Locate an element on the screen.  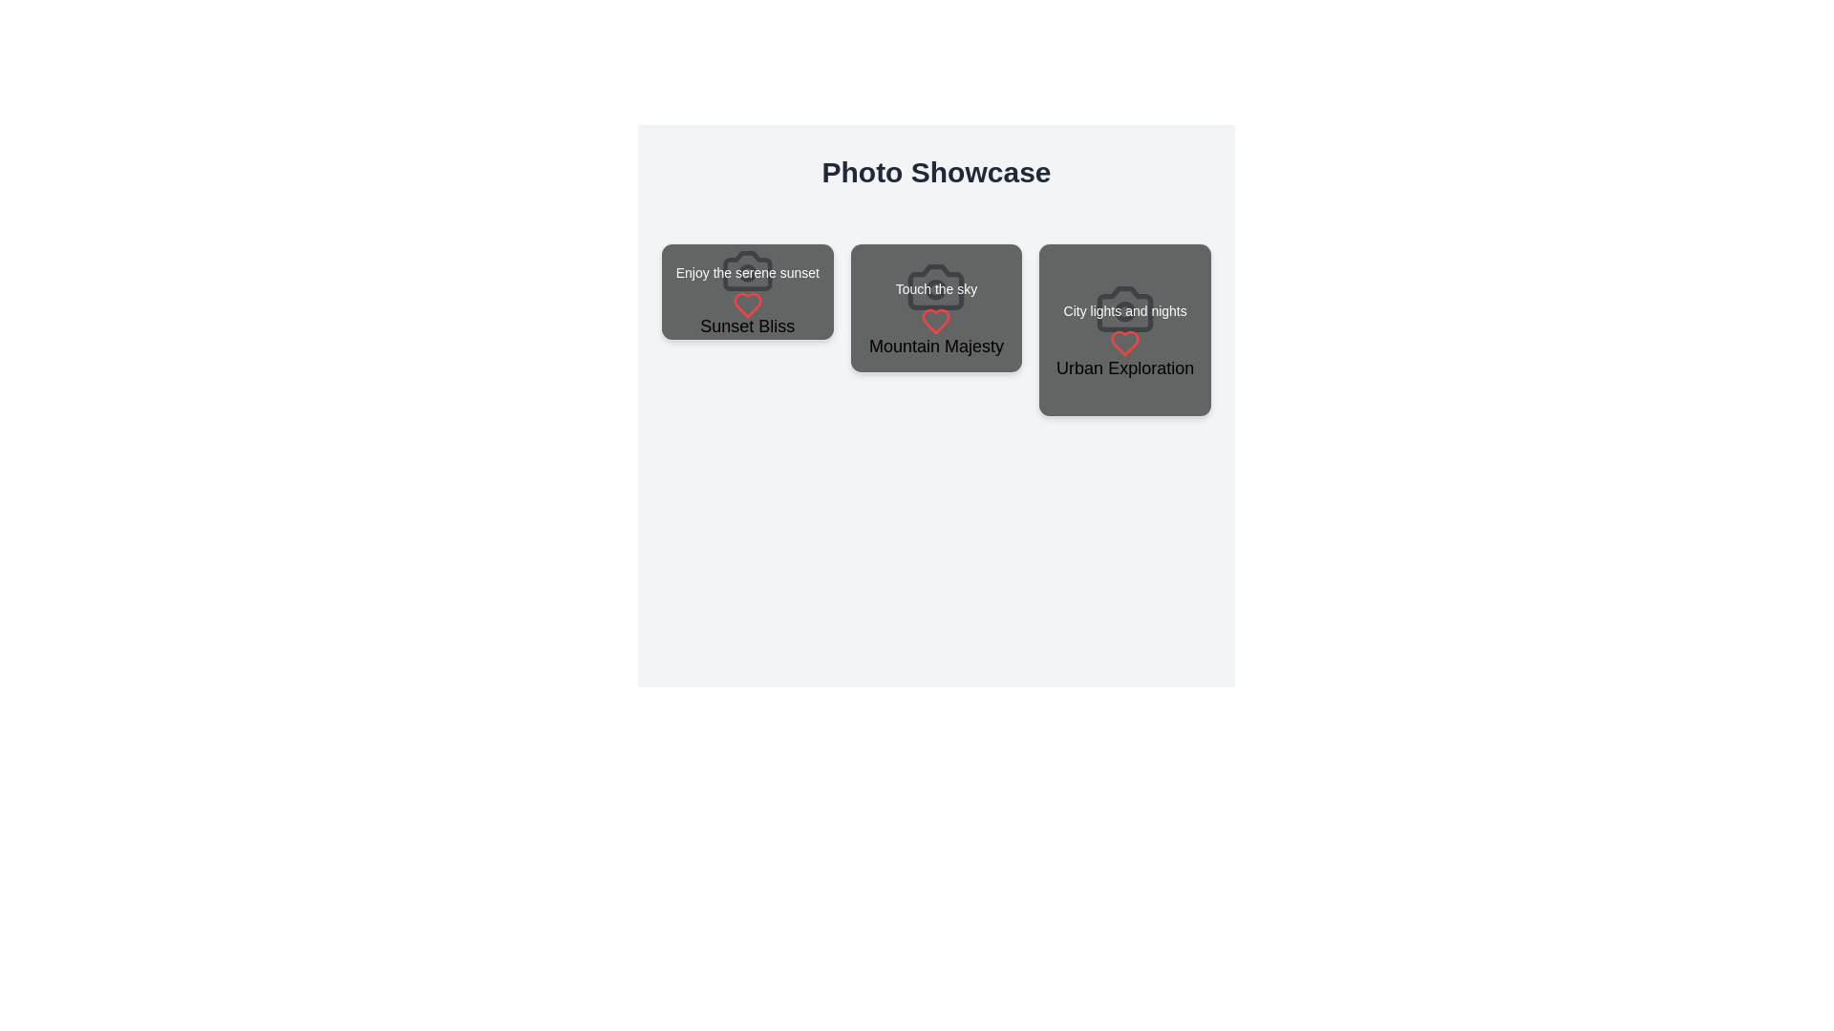
the Text label providing a descriptive tagline located in the central card beneath an icon and above the text 'Mountain Majesty' is located at coordinates (936, 289).